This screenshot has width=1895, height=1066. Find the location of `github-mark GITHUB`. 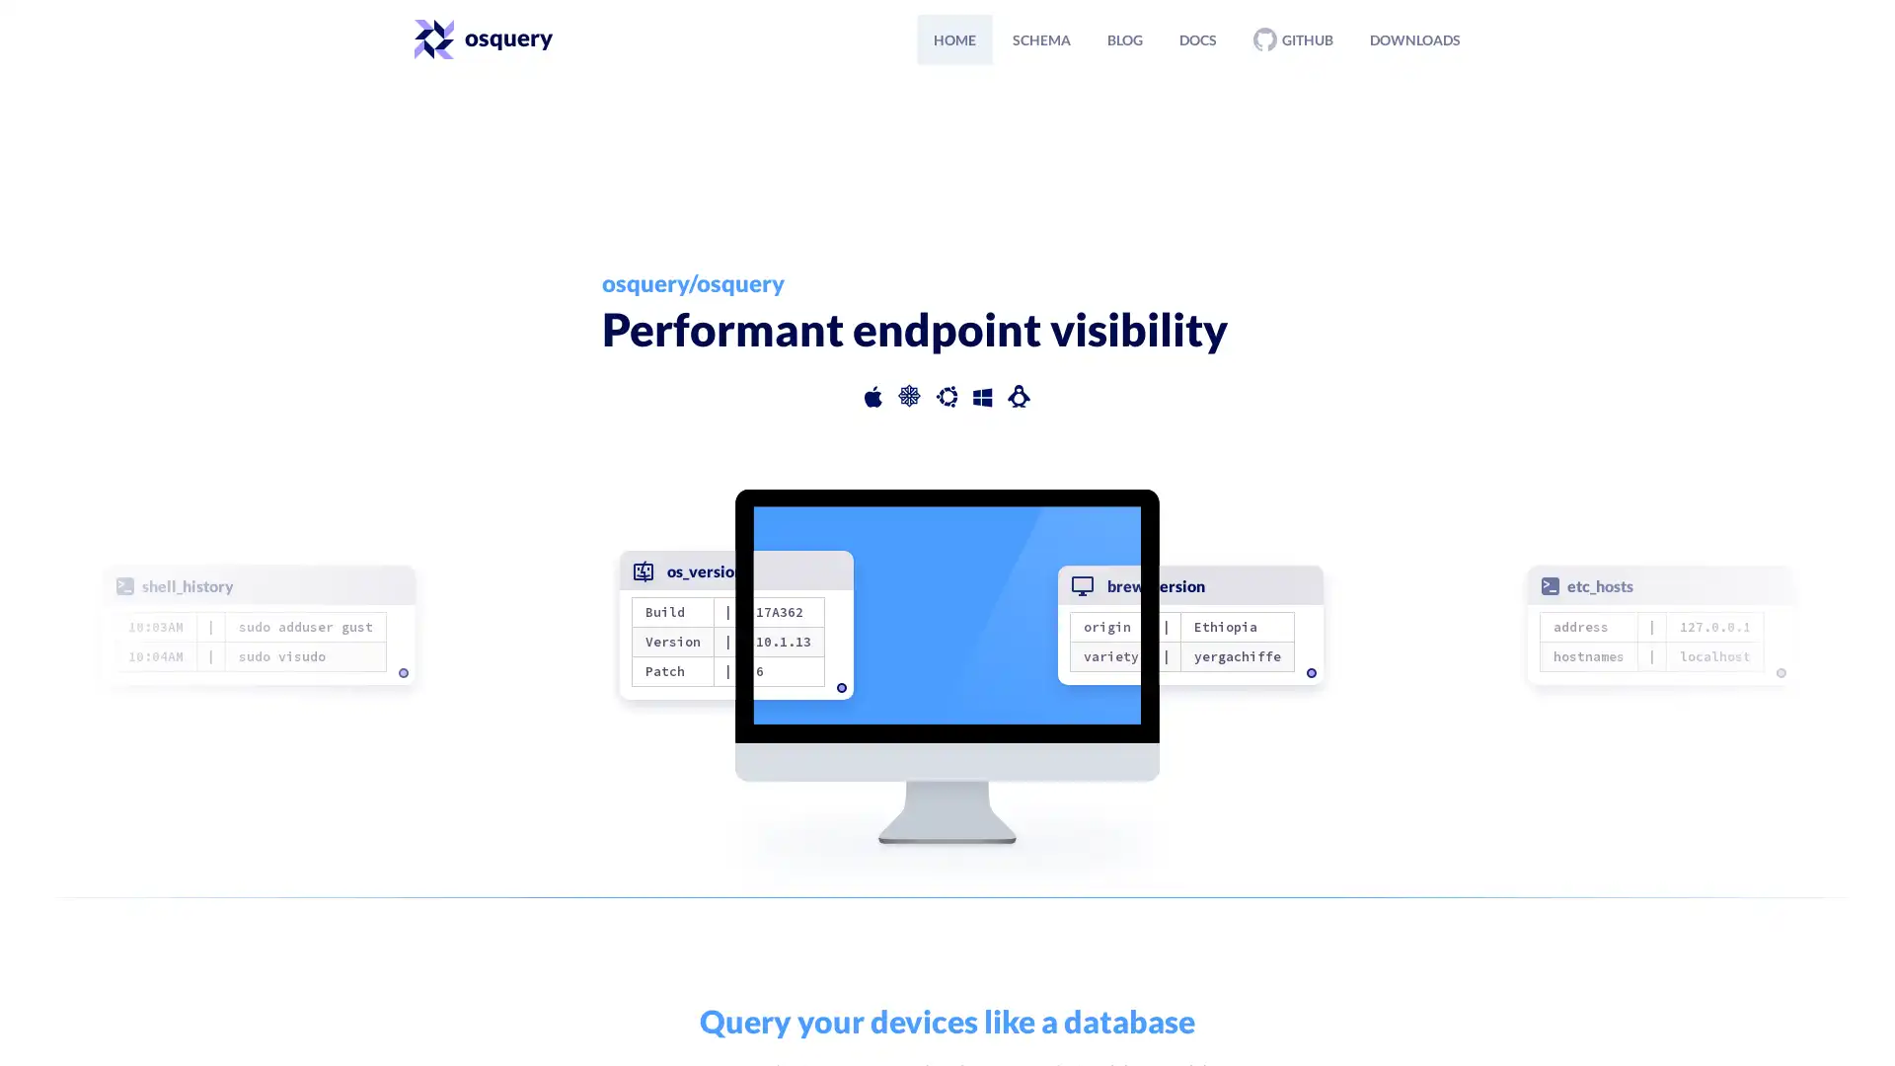

github-mark GITHUB is located at coordinates (1293, 38).